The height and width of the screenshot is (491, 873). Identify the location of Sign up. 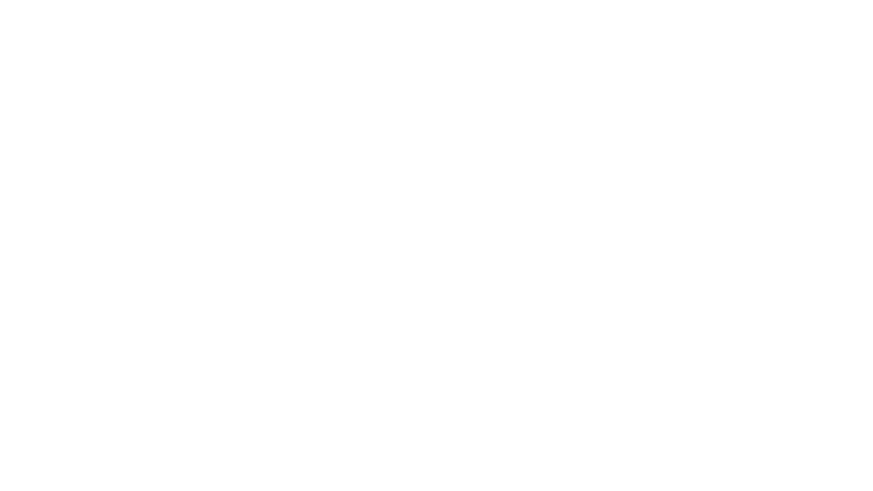
(670, 22).